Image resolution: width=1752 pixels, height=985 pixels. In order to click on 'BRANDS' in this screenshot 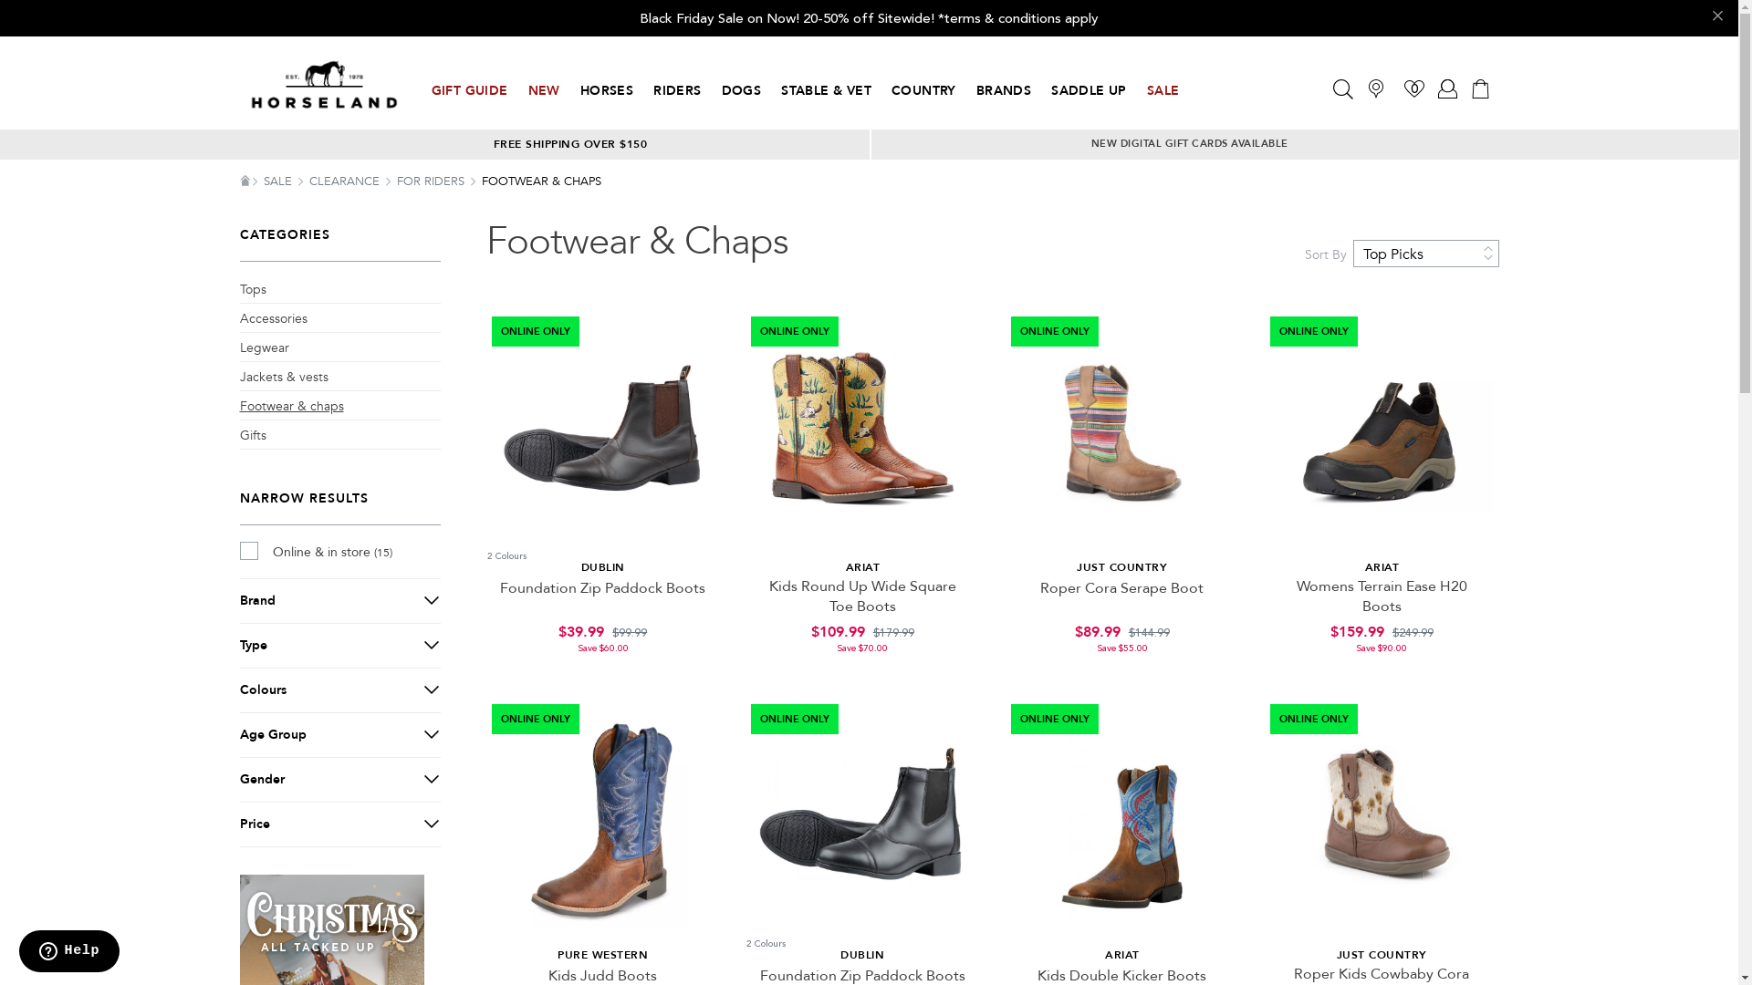, I will do `click(1002, 91)`.